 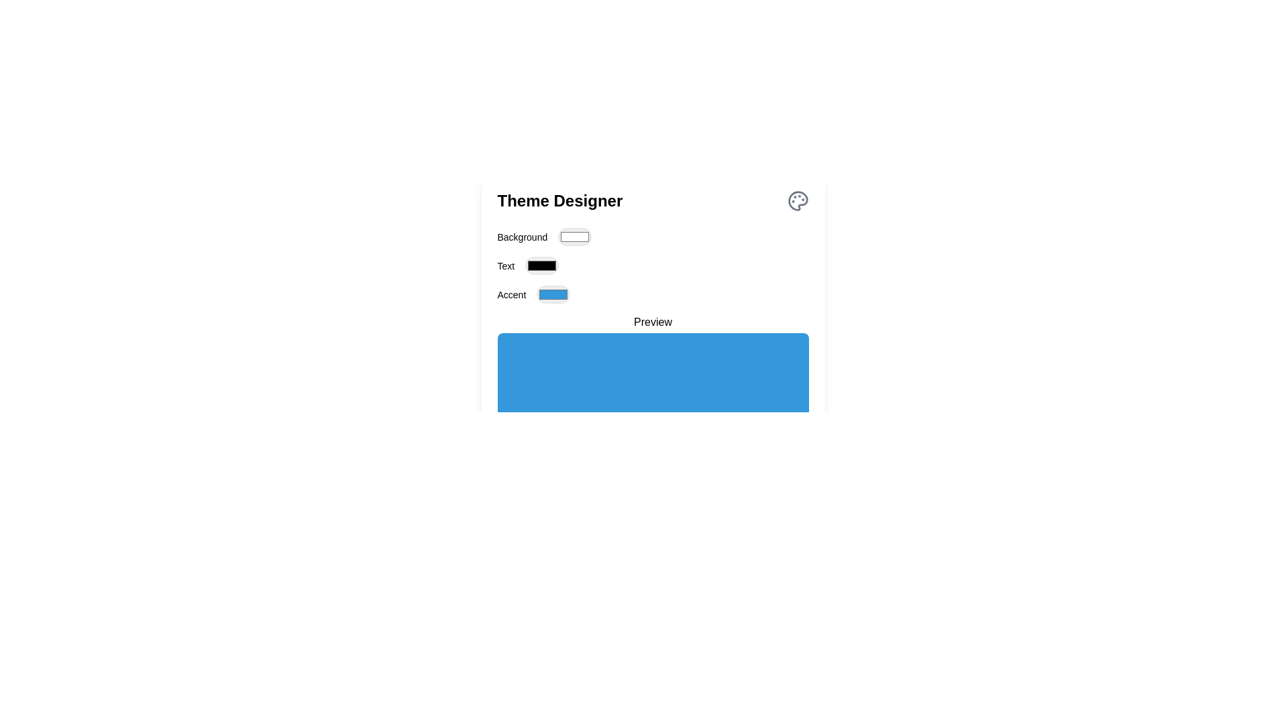 I want to click on the Text Label indicating the 'Text' color for the theme, positioned in the flexbox layout adjacent to the color picker input, so click(x=505, y=265).